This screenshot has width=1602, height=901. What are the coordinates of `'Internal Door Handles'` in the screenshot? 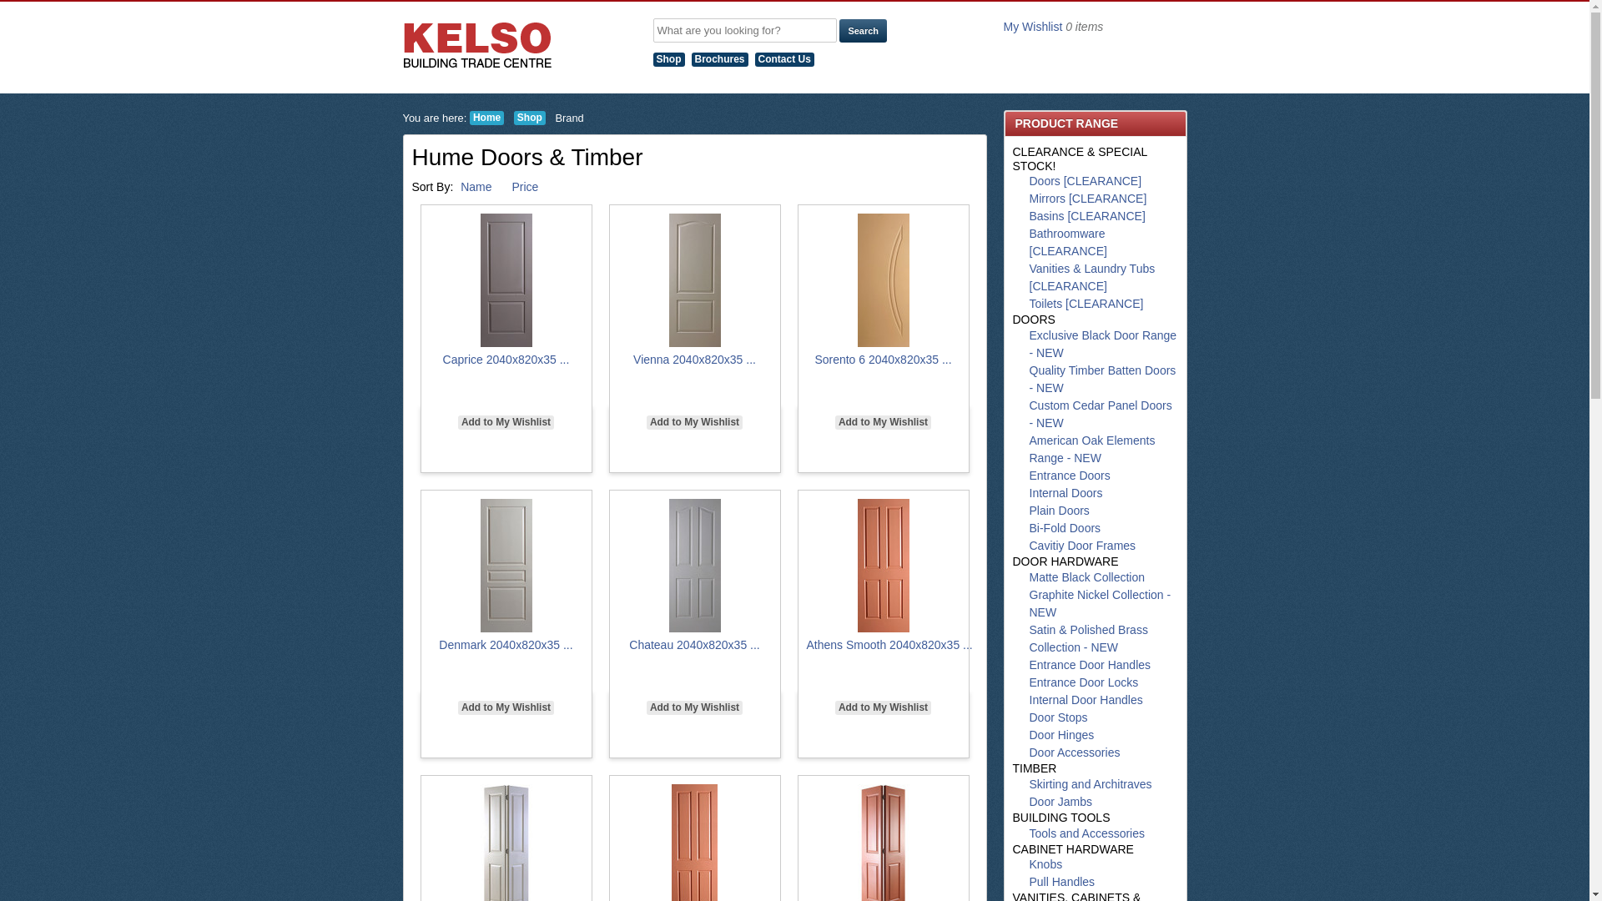 It's located at (1086, 700).